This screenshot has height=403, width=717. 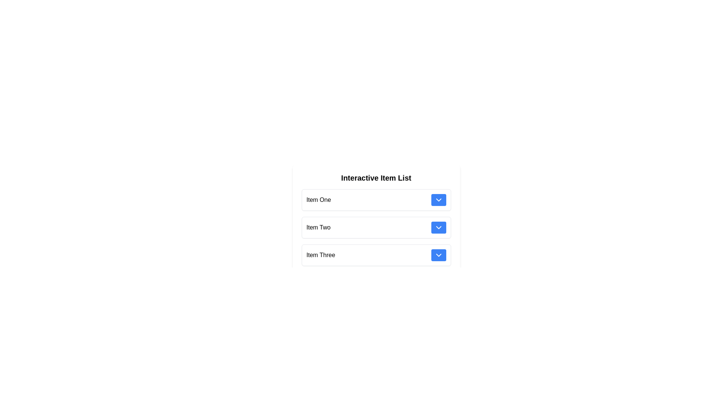 I want to click on the interactive dropdown toggle button located to the right of 'Item Two' in the vertical list, so click(x=438, y=227).